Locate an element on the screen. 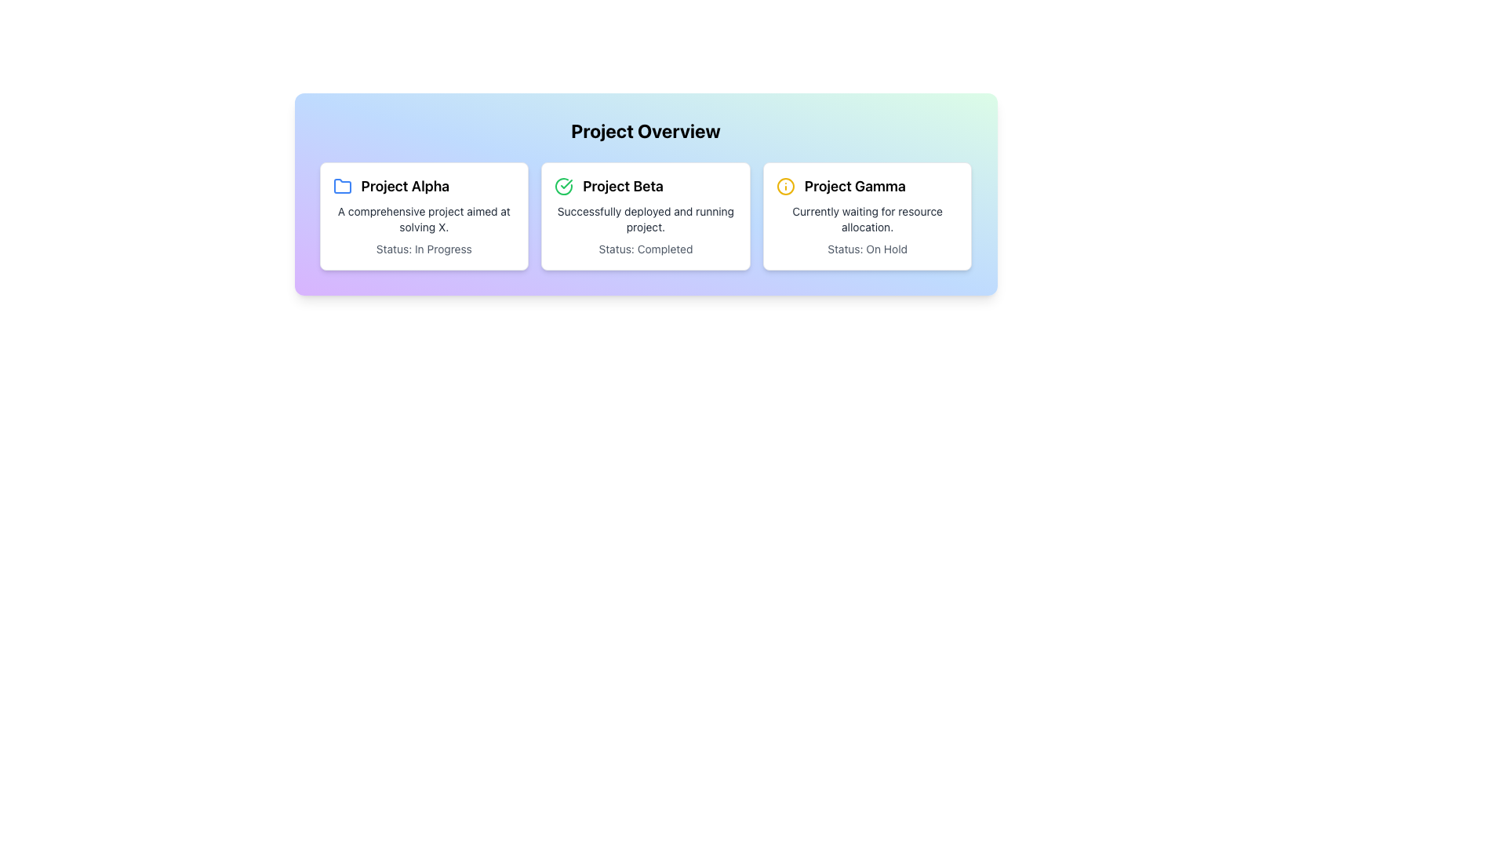  the informational card displaying detailed information about 'Project Gamma', which is the third card in a horizontal row of three, located to the right of 'Project Alpha' and 'Project Beta' is located at coordinates (867, 216).